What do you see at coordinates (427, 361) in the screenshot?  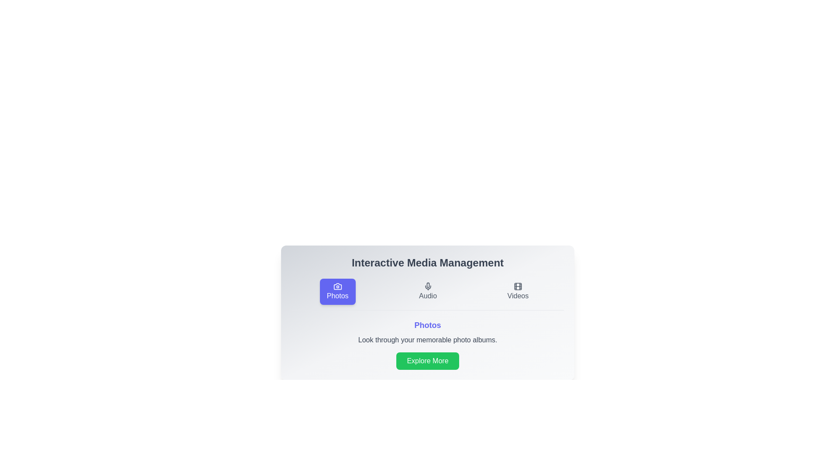 I see `the 'Explore More' button` at bounding box center [427, 361].